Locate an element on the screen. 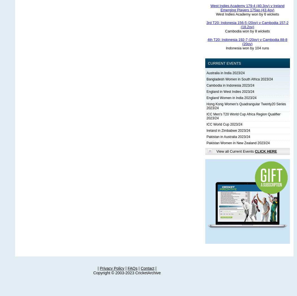  'England Women in India 2023/24' is located at coordinates (231, 98).